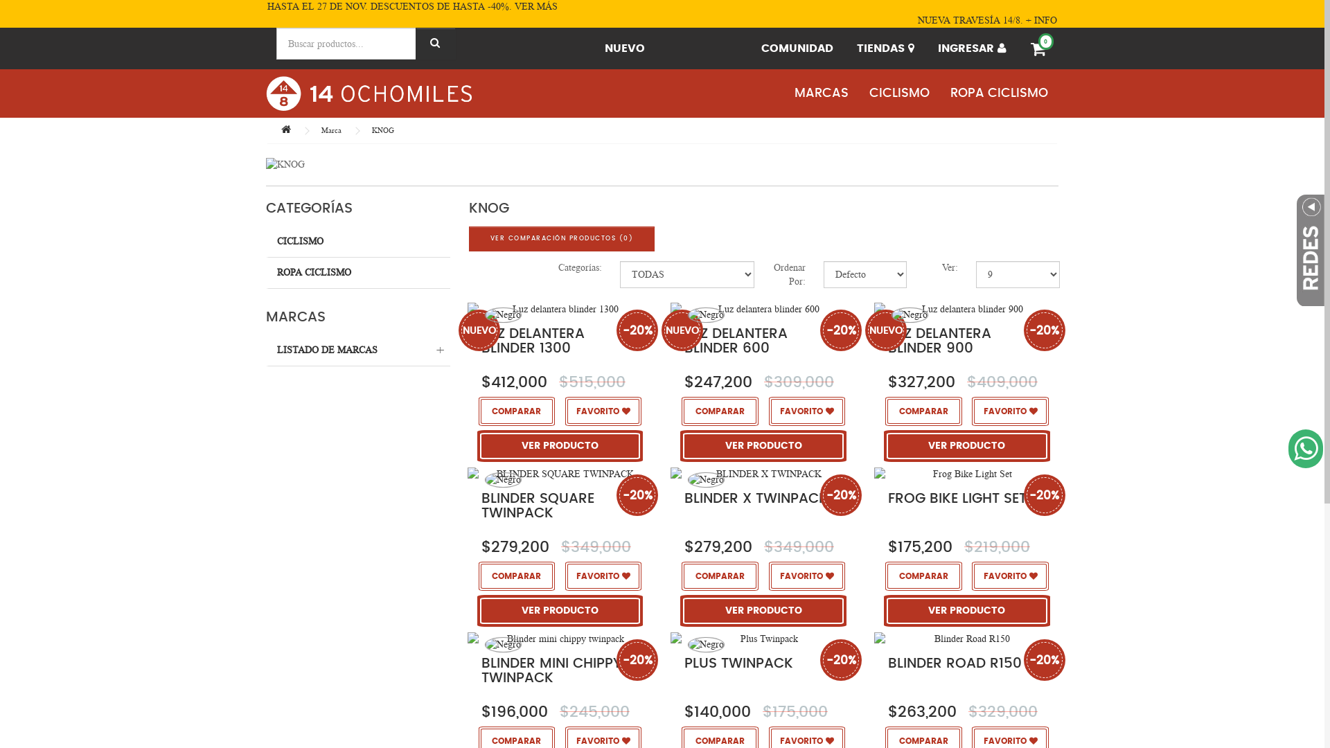 The width and height of the screenshot is (1330, 748). I want to click on 'LUZ DELANTERA BLINDER 600', so click(735, 341).